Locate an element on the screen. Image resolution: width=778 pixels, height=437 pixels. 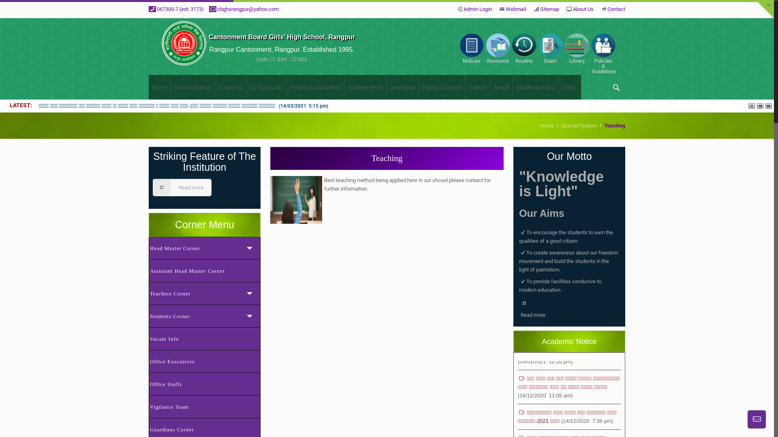
'Download' is located at coordinates (386, 87).